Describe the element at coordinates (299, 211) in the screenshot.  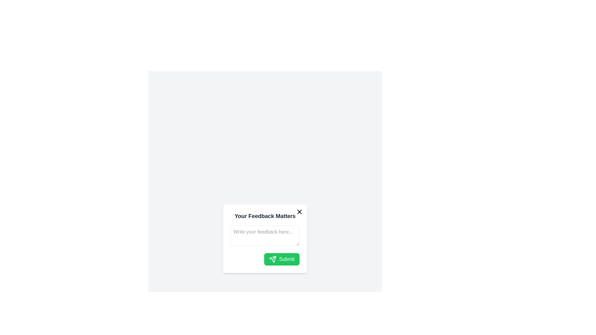
I see `the small square-shaped button with an 'X' icon in the center, located at the top-right corner of the feedback dialog box` at that location.